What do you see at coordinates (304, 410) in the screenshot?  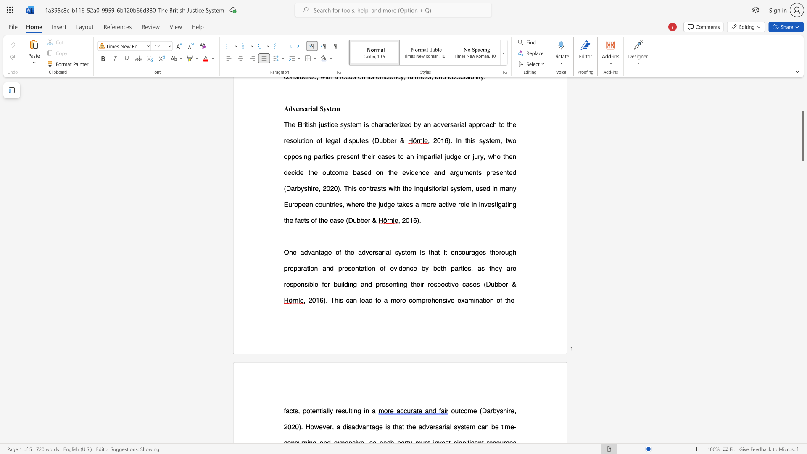 I see `the 1th character "p" in the text` at bounding box center [304, 410].